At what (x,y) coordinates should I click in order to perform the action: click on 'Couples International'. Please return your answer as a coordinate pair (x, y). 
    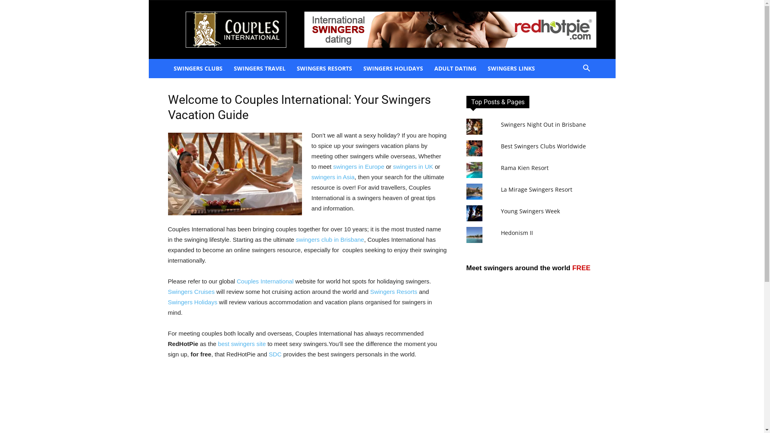
    Looking at the image, I should click on (265, 281).